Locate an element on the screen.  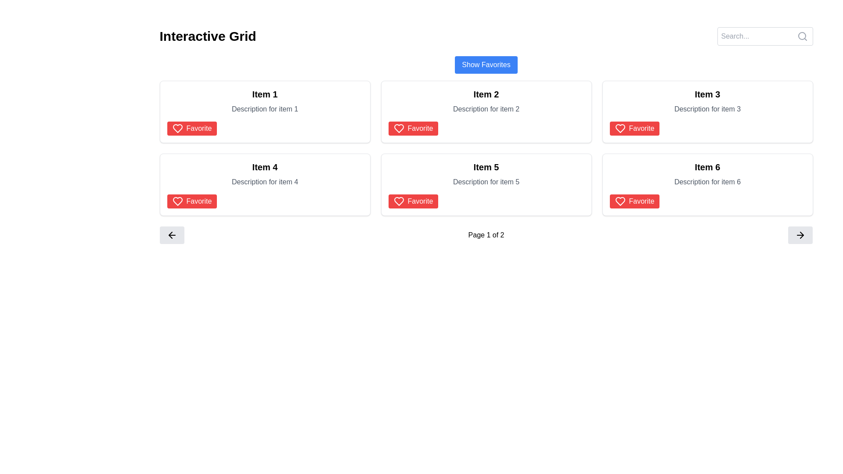
the button located in the bottom left of the card labeled 'Item 3' to mark the item as a favorite is located at coordinates (634, 129).